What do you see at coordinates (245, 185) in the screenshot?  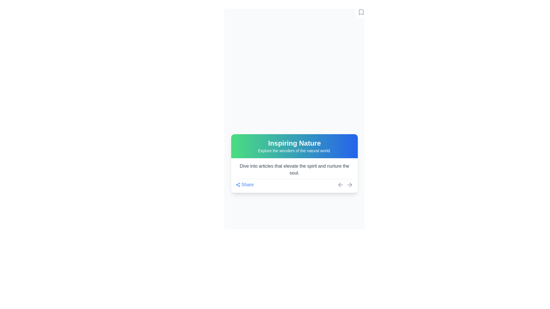 I see `the share button located at the bottom left of the card interface to initiate the share action` at bounding box center [245, 185].